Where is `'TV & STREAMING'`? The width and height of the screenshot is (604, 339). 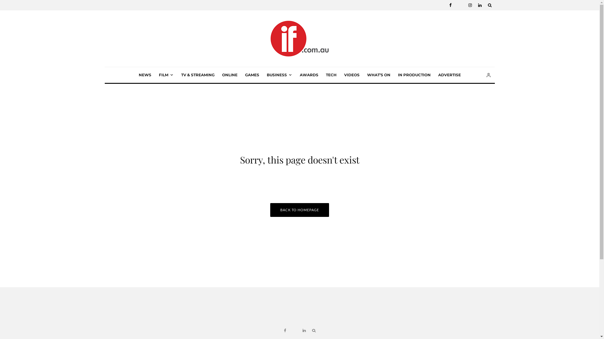 'TV & STREAMING' is located at coordinates (197, 75).